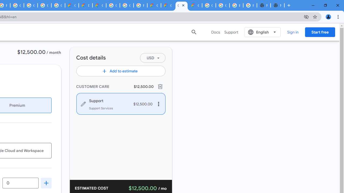 This screenshot has height=193, width=344. What do you see at coordinates (167, 5) in the screenshot?
I see `'Google Cloud Pricing Calculator'` at bounding box center [167, 5].